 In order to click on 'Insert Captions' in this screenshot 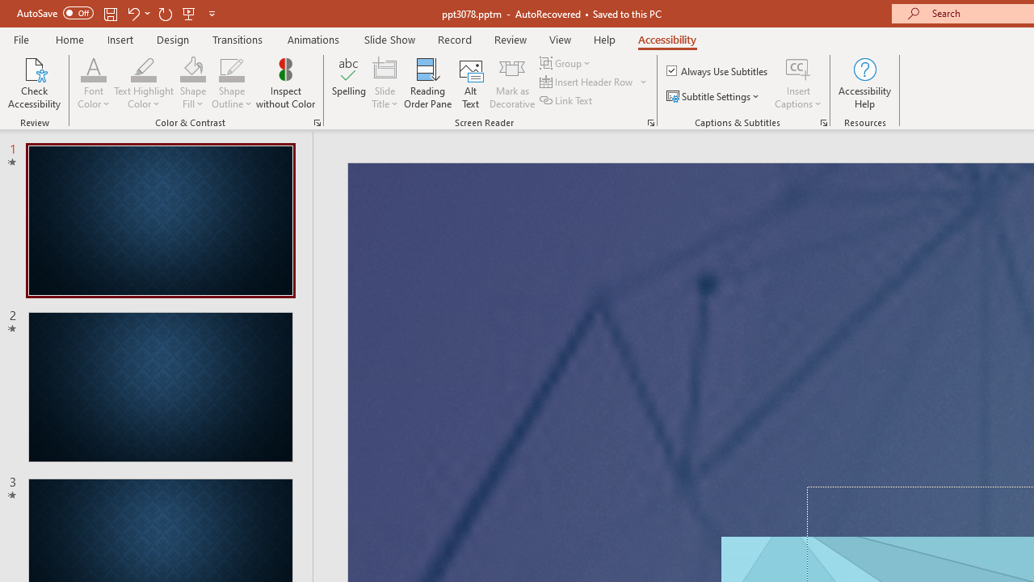, I will do `click(798, 68)`.